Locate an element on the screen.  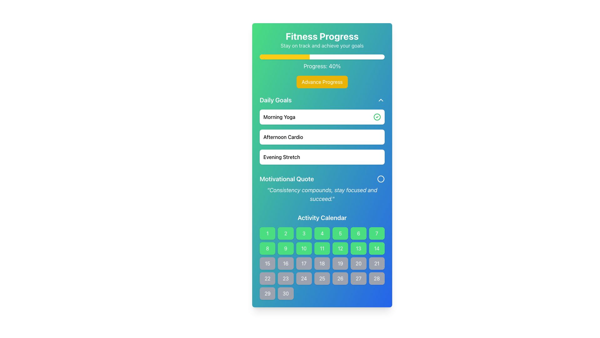
the button representing a selectable day in the 'Activity Calendar' section is located at coordinates (285, 293).